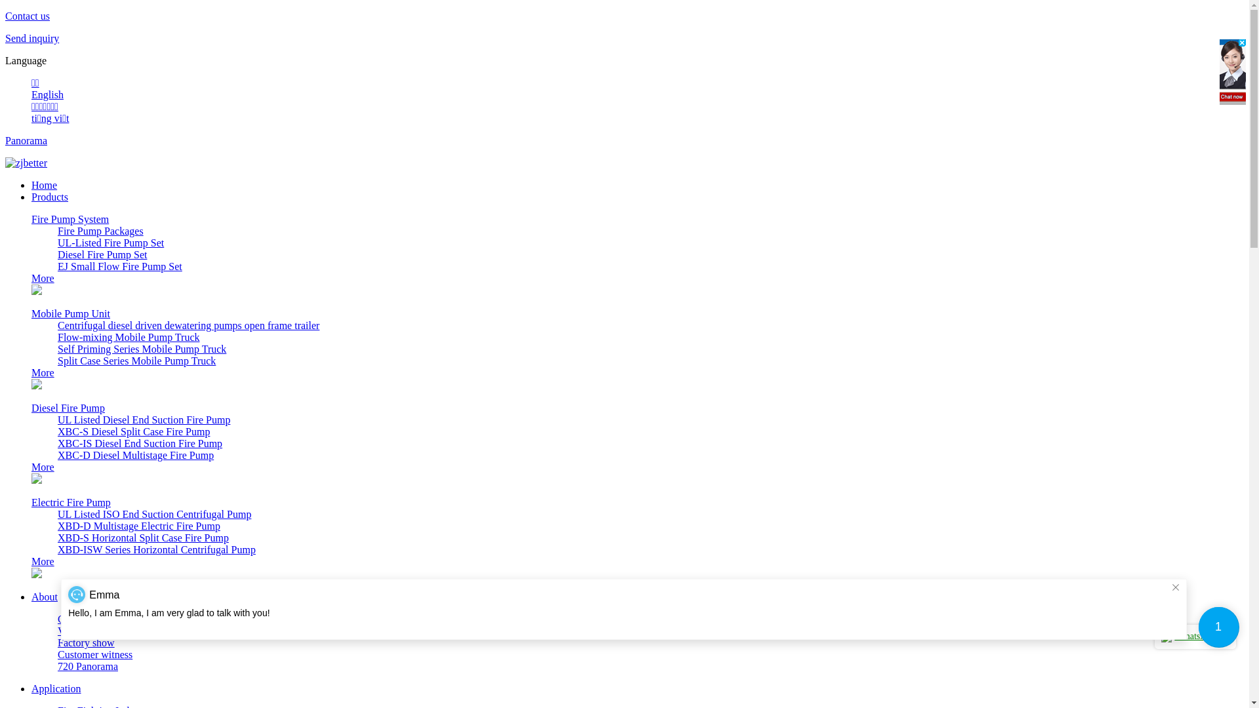 Image resolution: width=1259 pixels, height=708 pixels. Describe the element at coordinates (31, 501) in the screenshot. I see `'Electric Fire Pump'` at that location.